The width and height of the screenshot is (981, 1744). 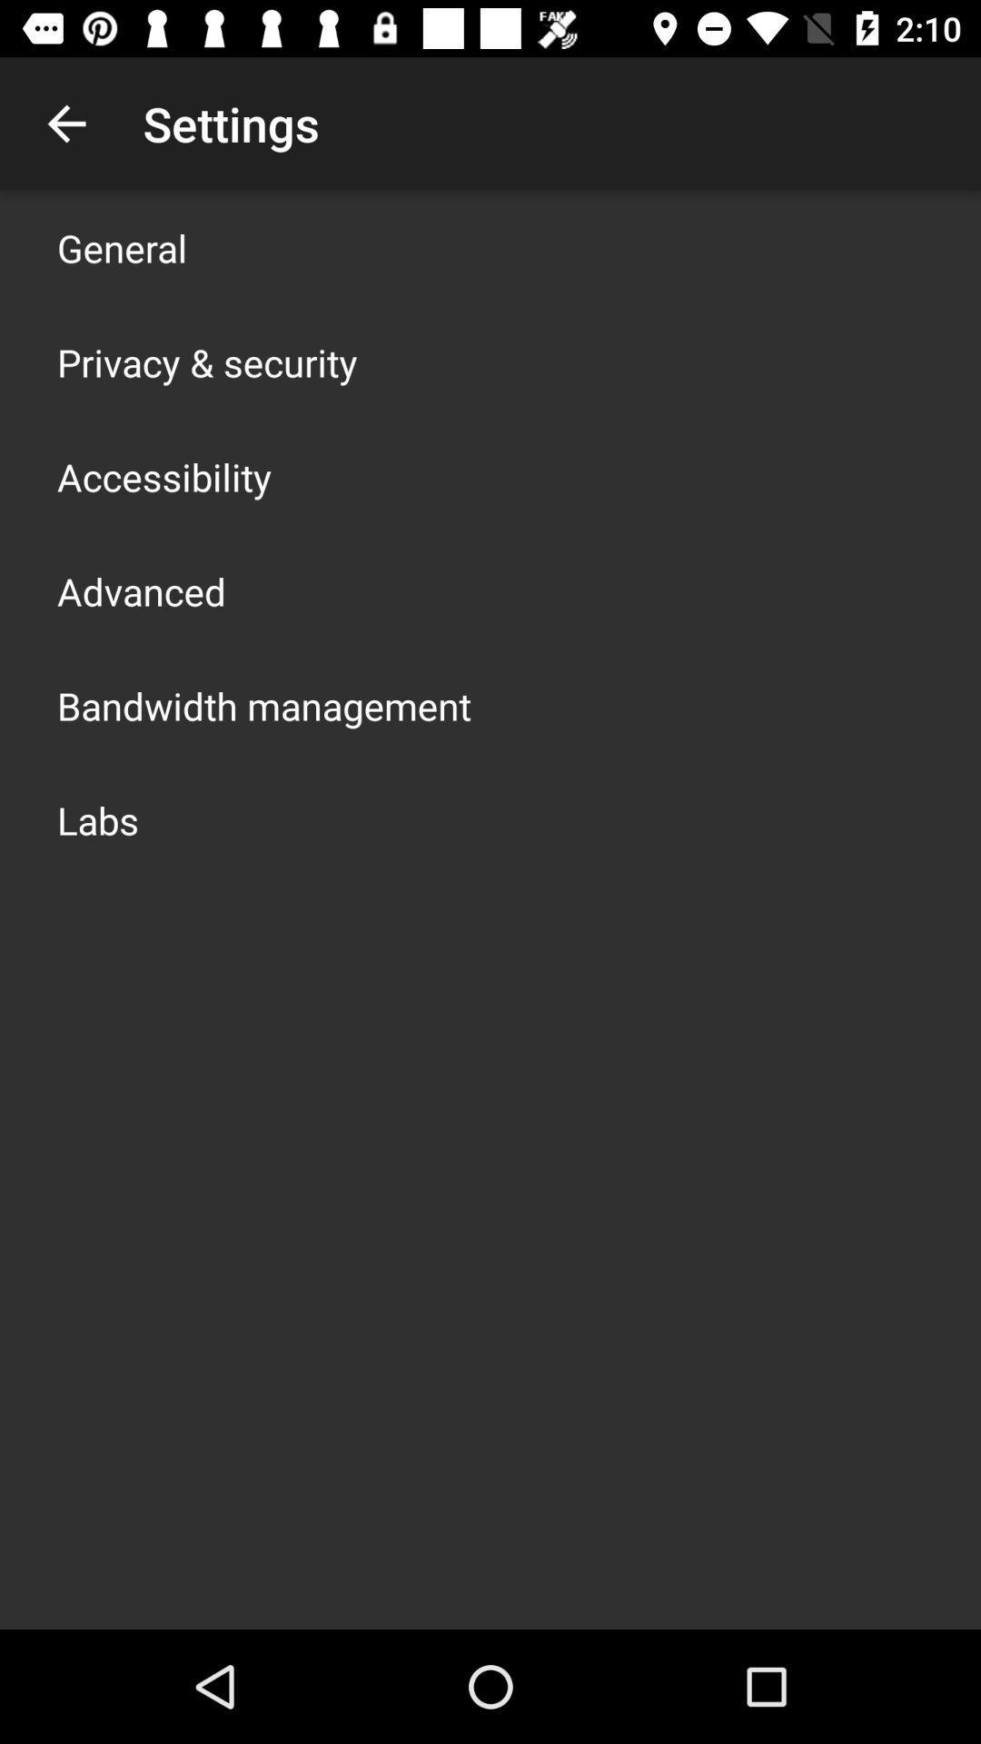 What do you see at coordinates (65, 123) in the screenshot?
I see `the item above the general icon` at bounding box center [65, 123].